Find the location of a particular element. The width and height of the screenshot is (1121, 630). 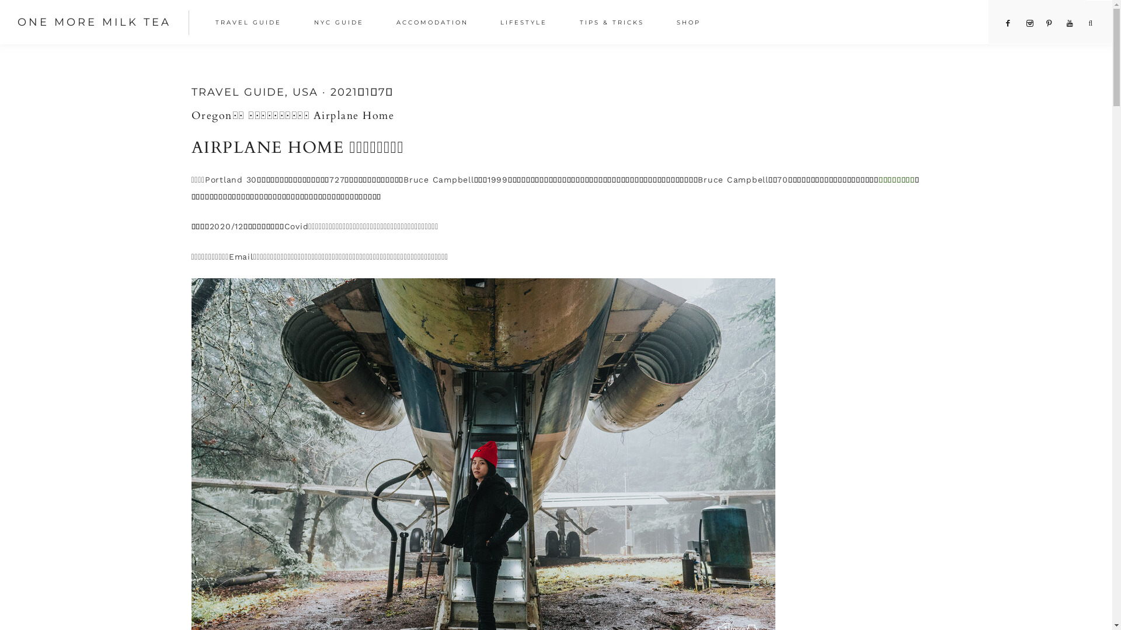

'Pinterest' is located at coordinates (1050, 23).